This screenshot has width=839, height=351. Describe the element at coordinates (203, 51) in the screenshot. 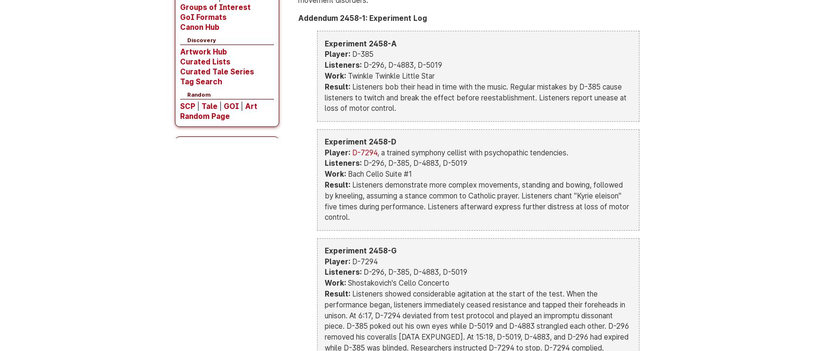

I see `'Artwork Hub'` at that location.